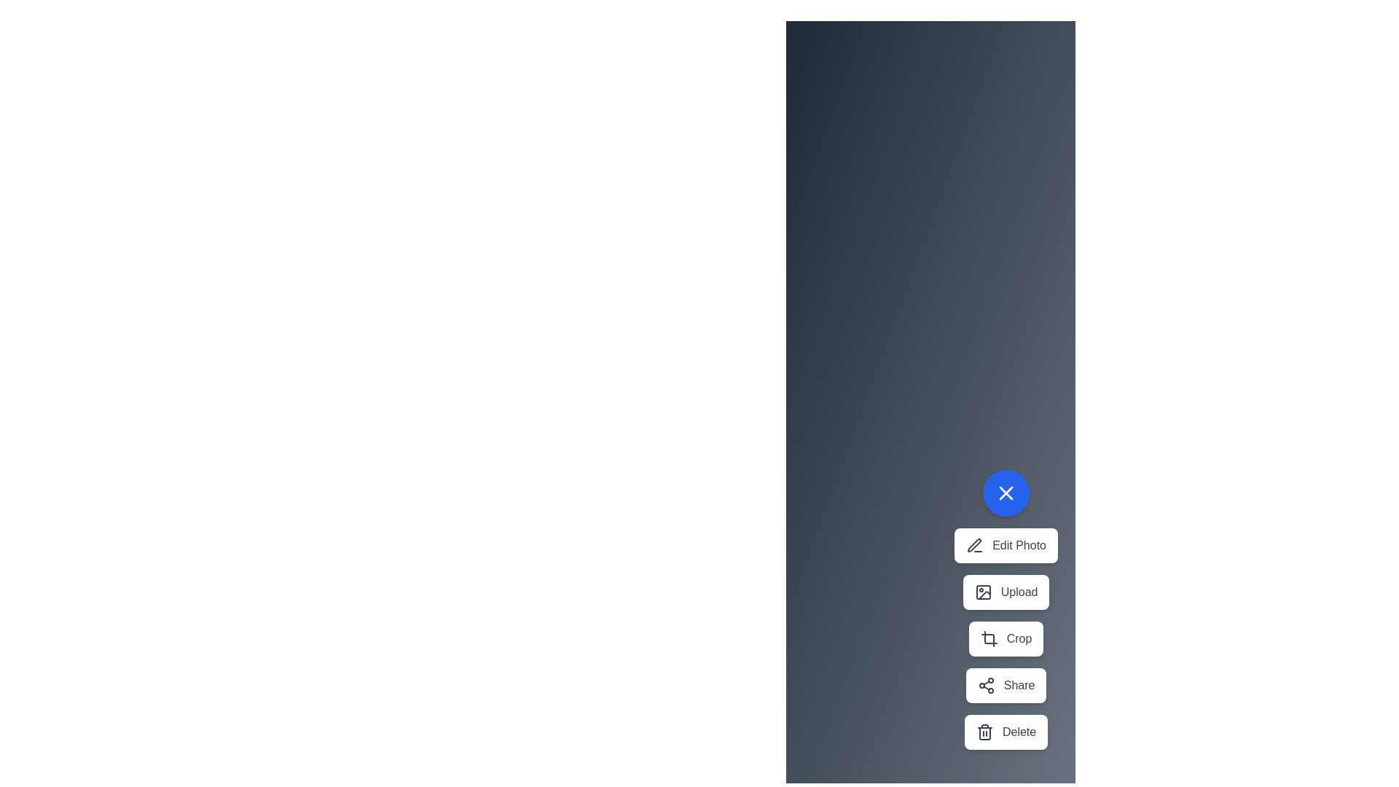 This screenshot has width=1399, height=787. Describe the element at coordinates (1006, 592) in the screenshot. I see `the Upload button in the speed dial menu` at that location.